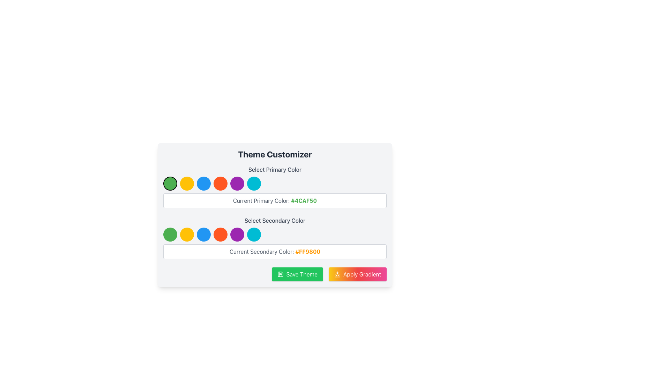 This screenshot has width=670, height=377. Describe the element at coordinates (274, 200) in the screenshot. I see `the Static Text Display that shows 'Current Primary Color:' and the color code '#4CAF50' with a white background and grey border` at that location.